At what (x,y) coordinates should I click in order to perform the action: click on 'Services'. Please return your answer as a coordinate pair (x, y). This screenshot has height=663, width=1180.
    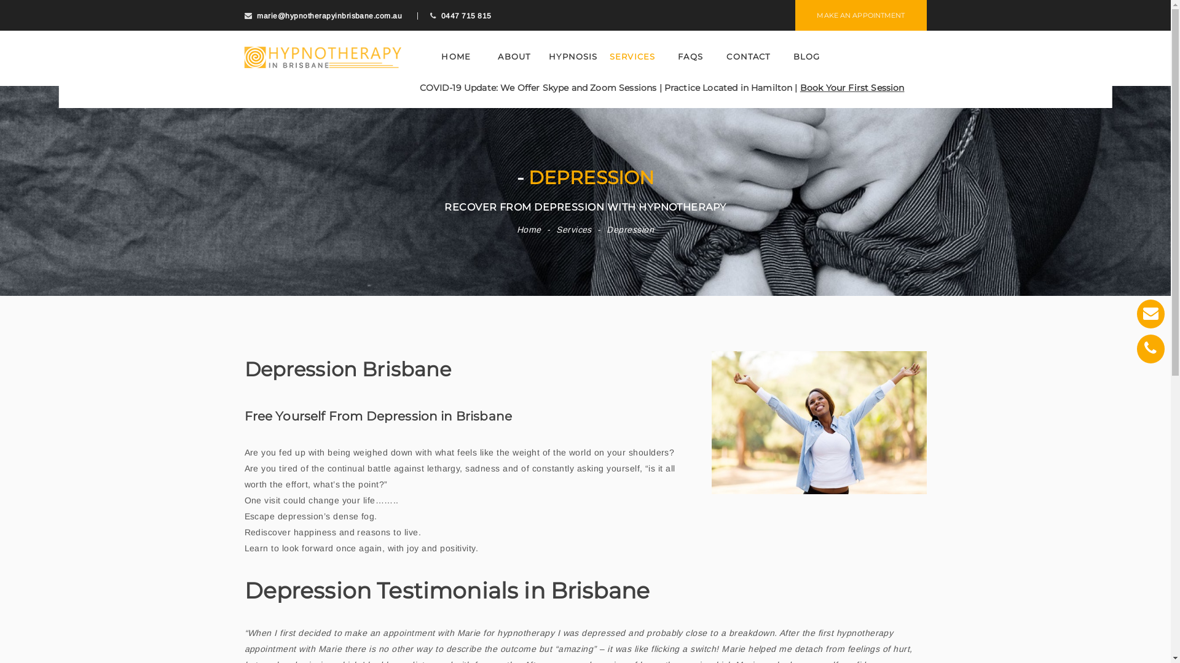
    Looking at the image, I should click on (573, 230).